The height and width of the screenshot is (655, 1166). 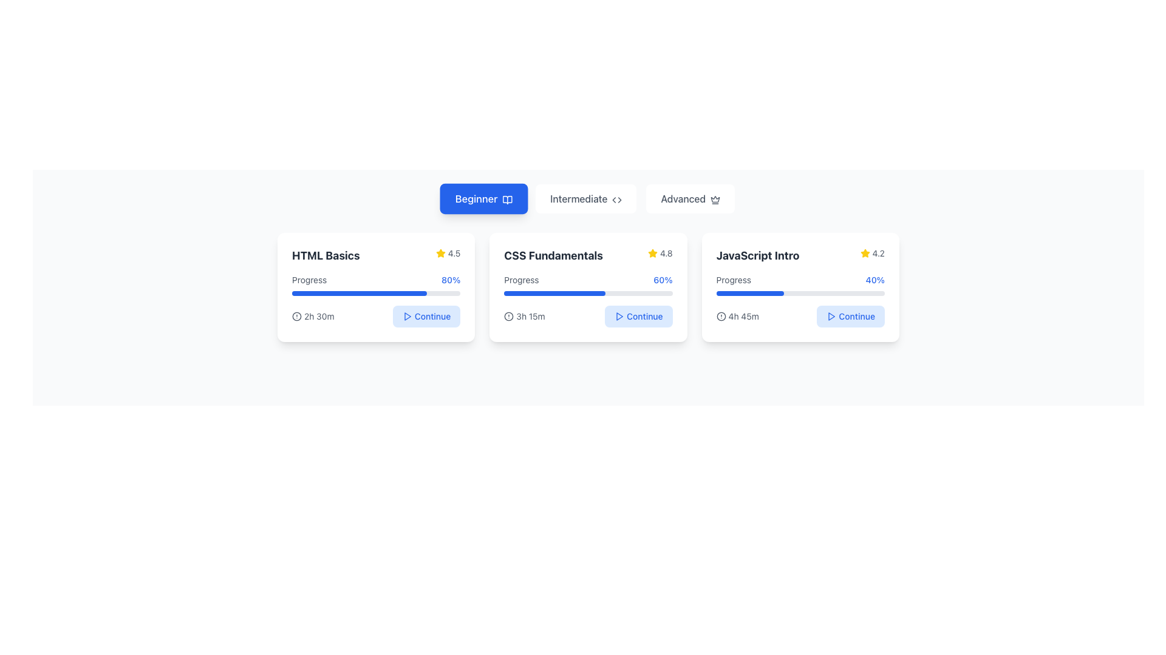 I want to click on the 'Continue' button with an embedded icon and text for the course 'CSS Fundamentals', so click(x=638, y=315).